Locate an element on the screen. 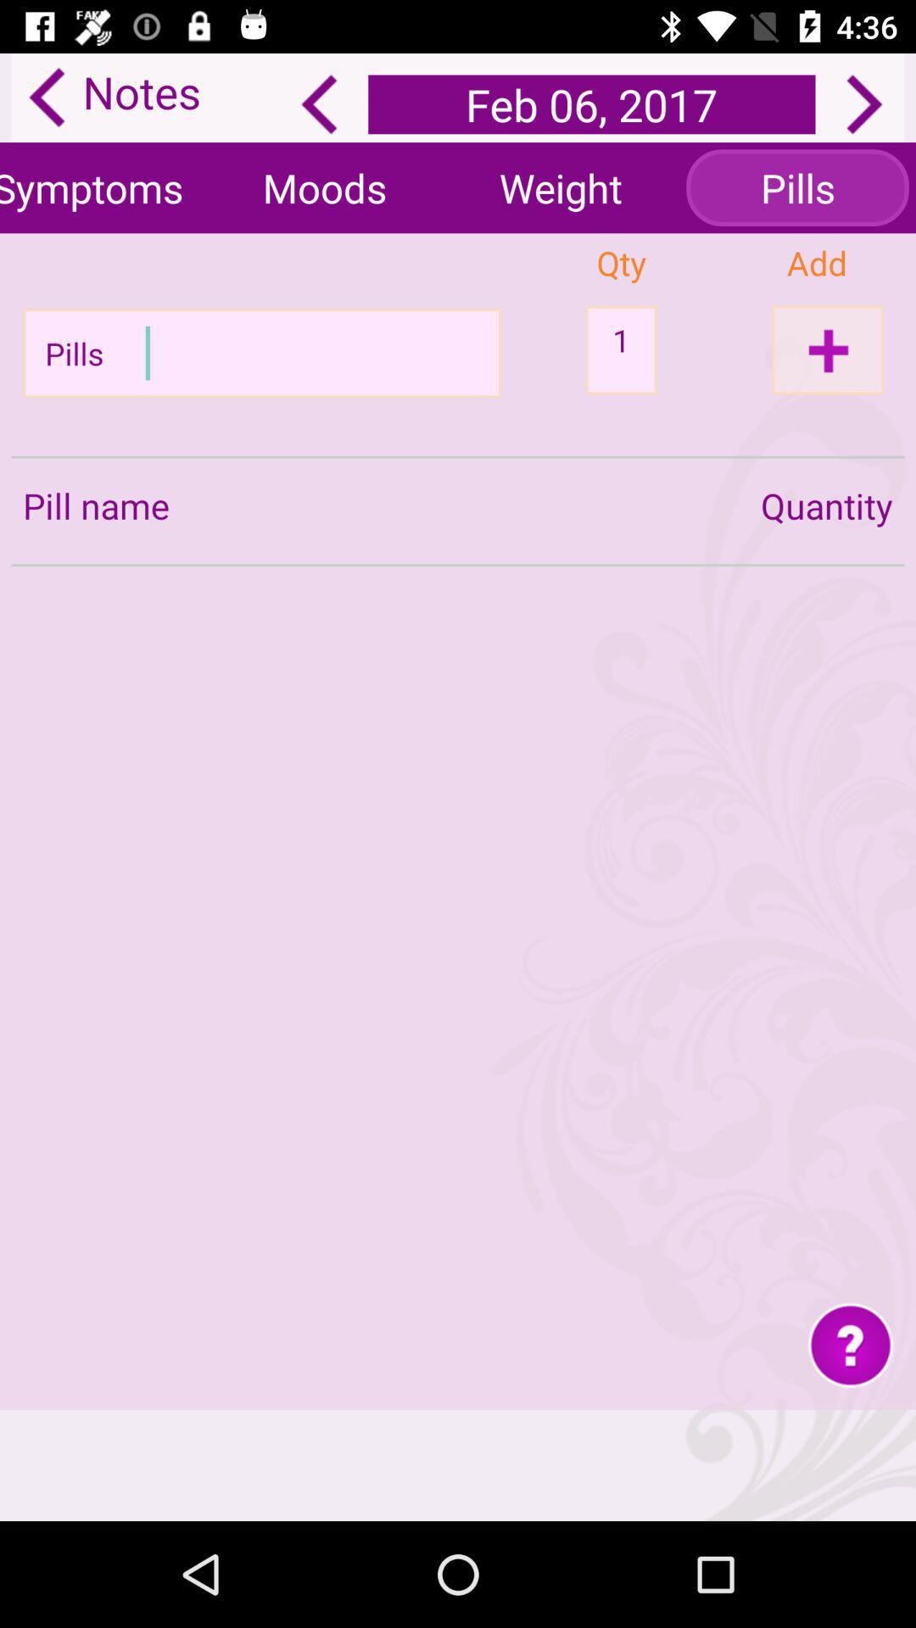  open information is located at coordinates (851, 1343).